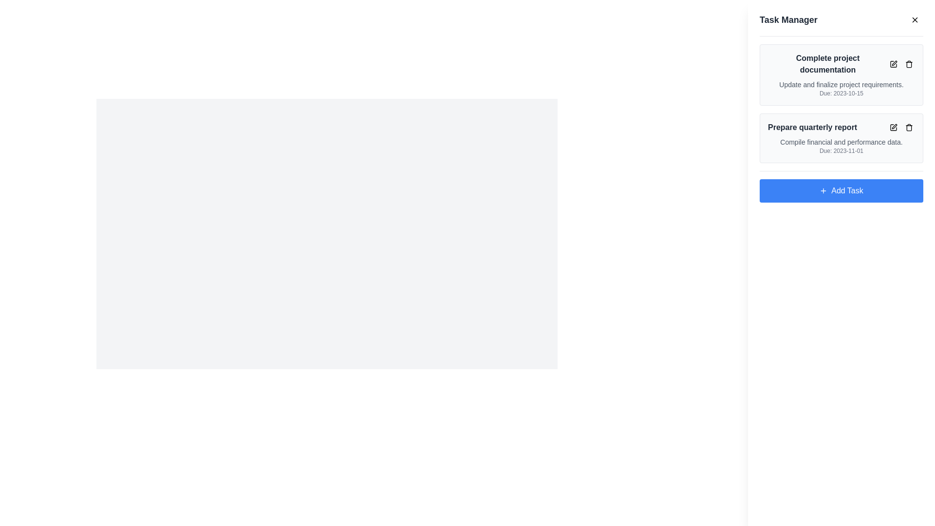 The image size is (935, 526). Describe the element at coordinates (893, 127) in the screenshot. I see `the edit icon button located near the top right corner of the second task's rectangular card in the Task Manager panel` at that location.